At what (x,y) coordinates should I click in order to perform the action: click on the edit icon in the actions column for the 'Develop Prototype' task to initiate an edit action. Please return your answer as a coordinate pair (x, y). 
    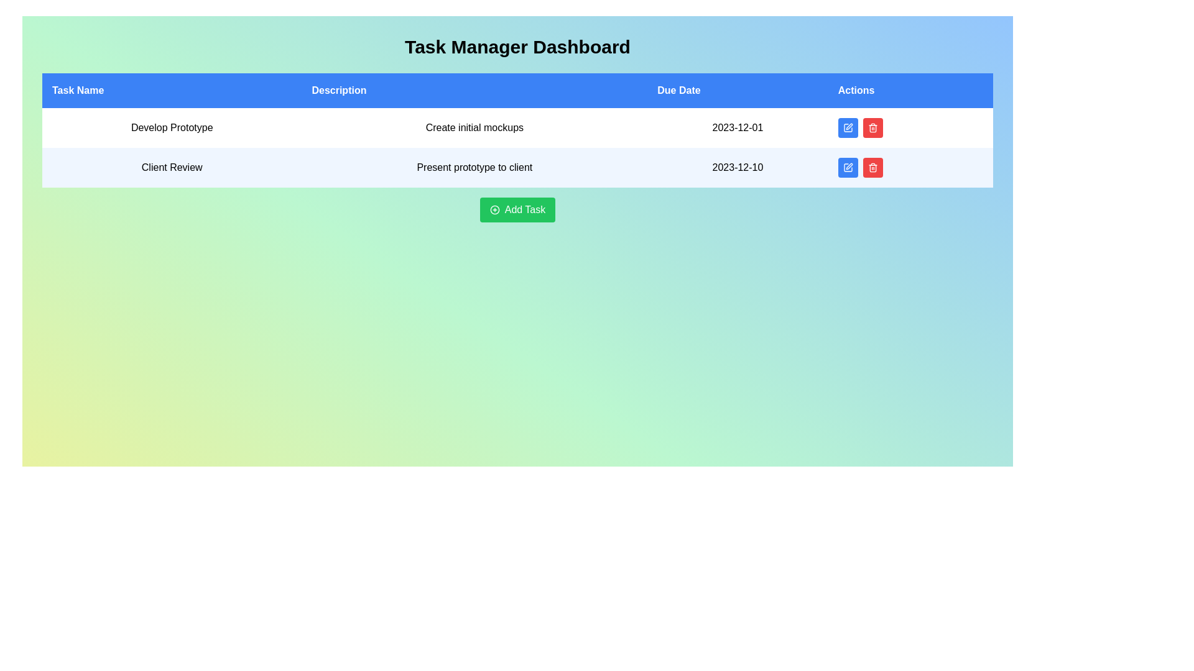
    Looking at the image, I should click on (847, 127).